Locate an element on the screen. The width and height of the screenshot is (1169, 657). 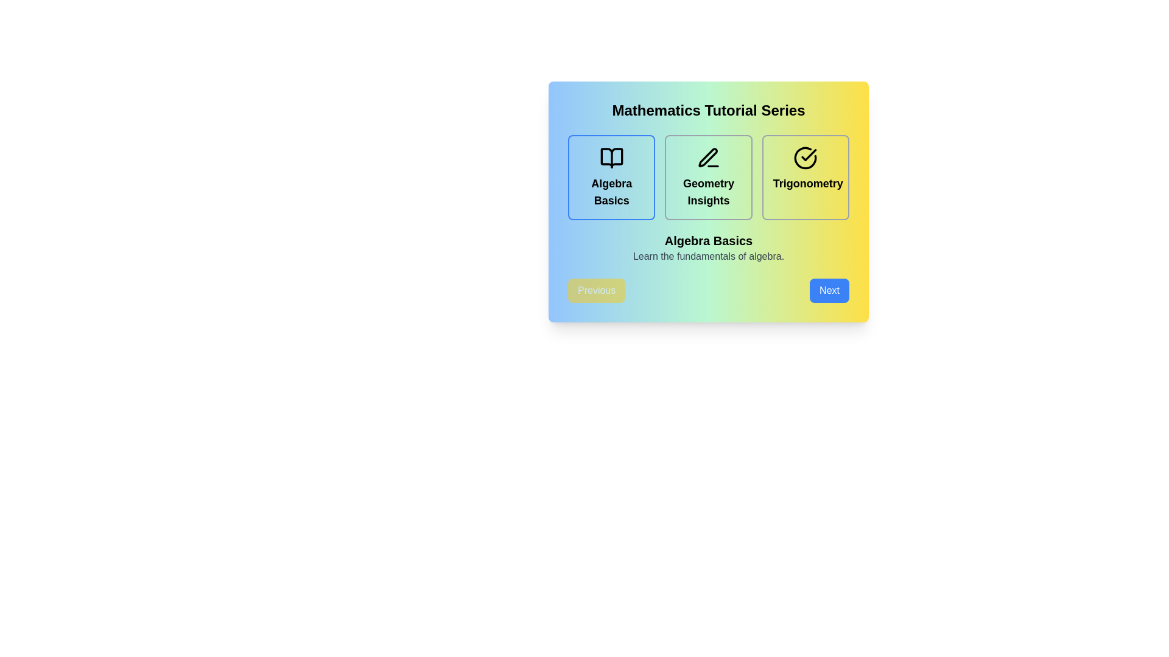
the 'Next' button to navigate to the next lesson is located at coordinates (829, 291).